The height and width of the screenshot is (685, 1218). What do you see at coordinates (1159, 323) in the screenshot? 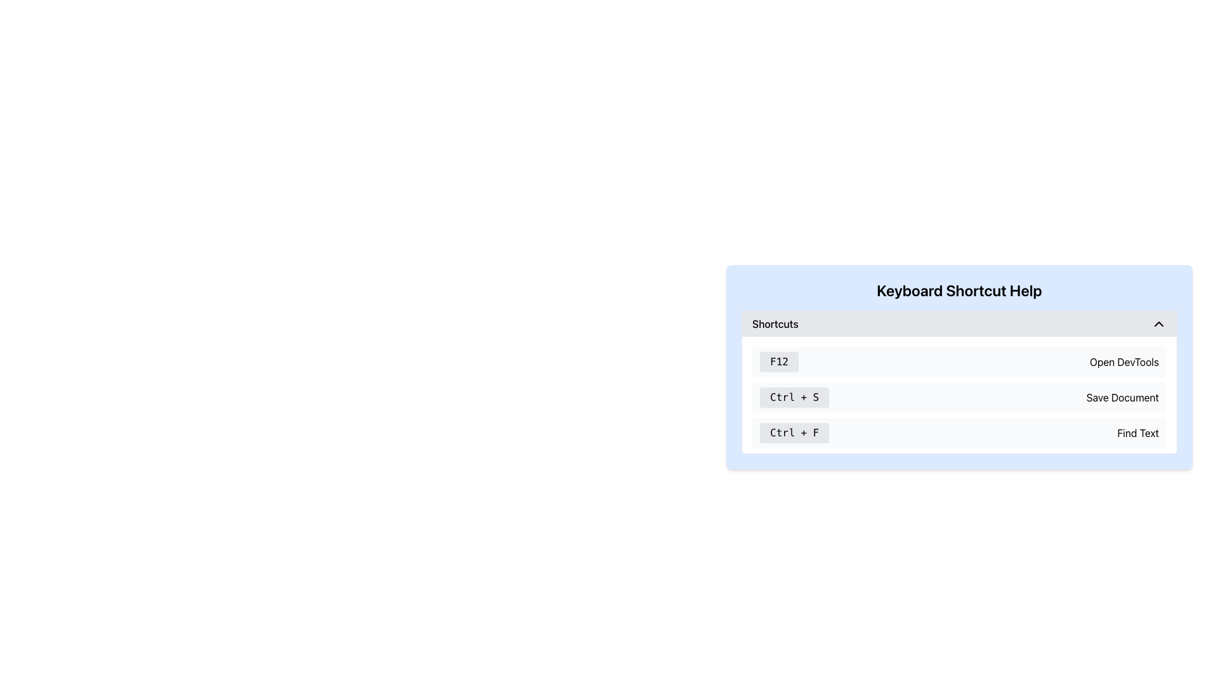
I see `the upward-pointing chevron arrow icon button located at the far right of the header section labeled 'Shortcuts'` at bounding box center [1159, 323].